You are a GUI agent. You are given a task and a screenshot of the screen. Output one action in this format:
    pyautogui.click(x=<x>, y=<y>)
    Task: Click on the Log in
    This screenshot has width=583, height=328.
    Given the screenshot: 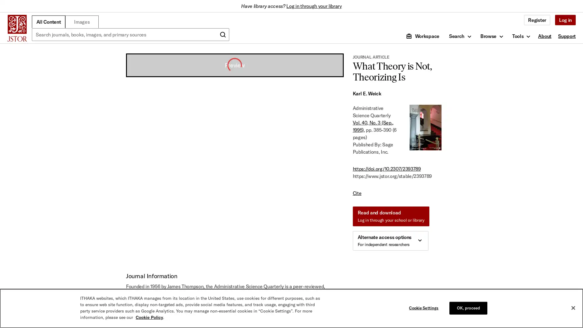 What is the action you would take?
    pyautogui.click(x=565, y=19)
    